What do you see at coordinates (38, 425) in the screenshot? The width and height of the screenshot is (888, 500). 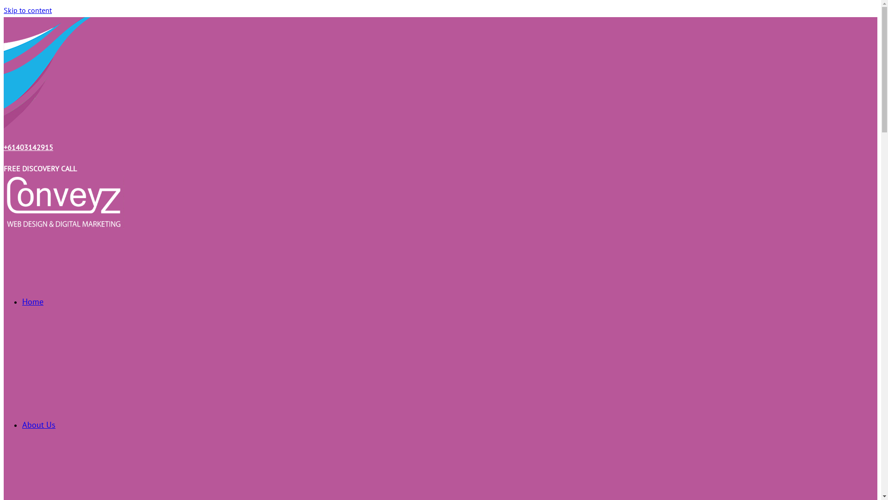 I see `'About Us'` at bounding box center [38, 425].